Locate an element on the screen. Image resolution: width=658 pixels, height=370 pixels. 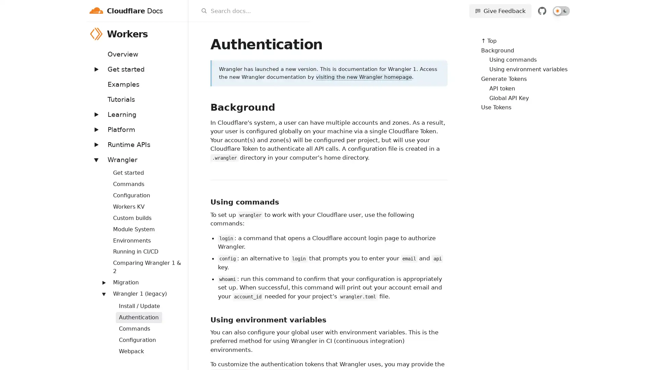
Expand: Migration is located at coordinates (103, 282).